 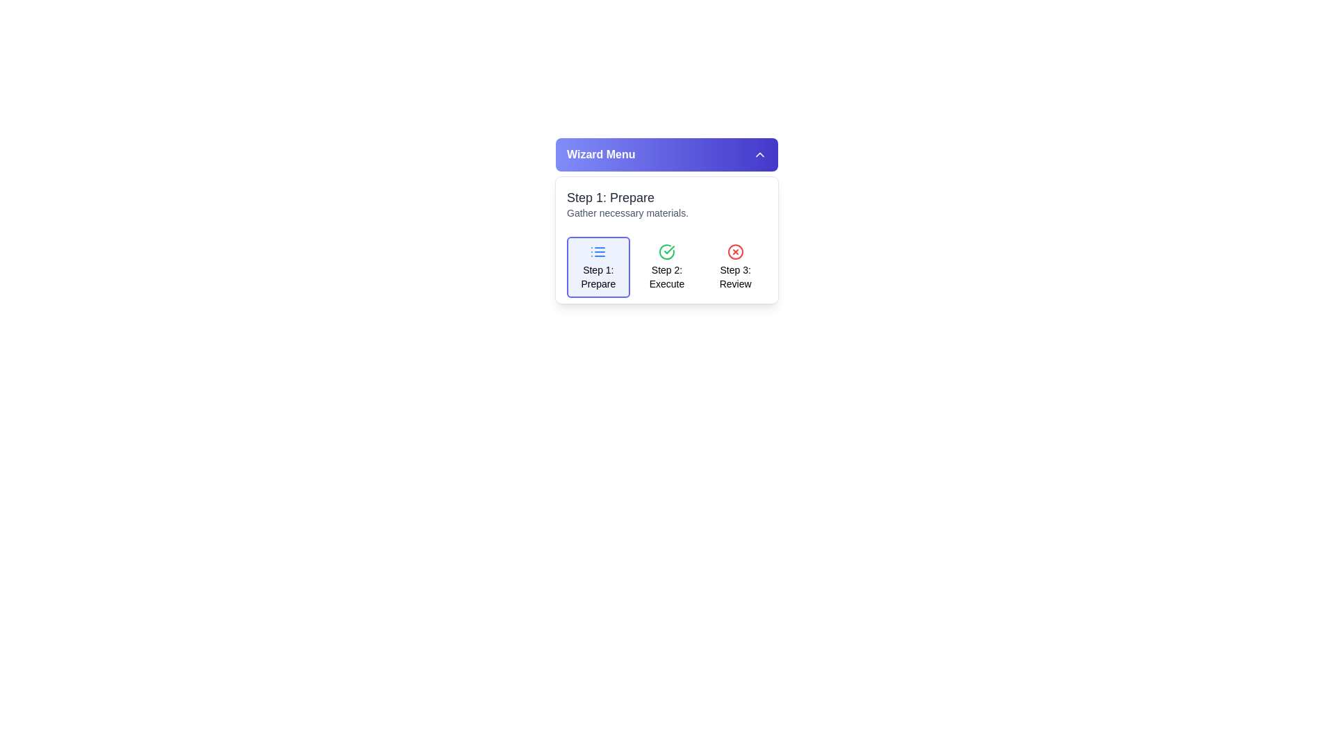 What do you see at coordinates (601, 155) in the screenshot?
I see `the 'Wizard Menu' label, which is a bold white text label against a gradient background, located towards the left side of the top section of the interface` at bounding box center [601, 155].